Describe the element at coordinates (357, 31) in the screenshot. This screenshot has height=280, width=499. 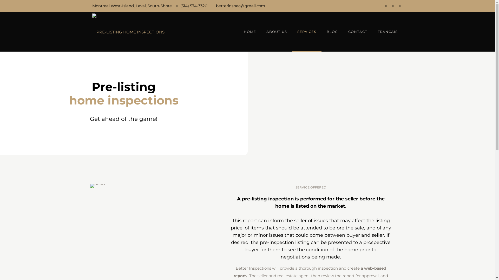
I see `'CONTACT'` at that location.